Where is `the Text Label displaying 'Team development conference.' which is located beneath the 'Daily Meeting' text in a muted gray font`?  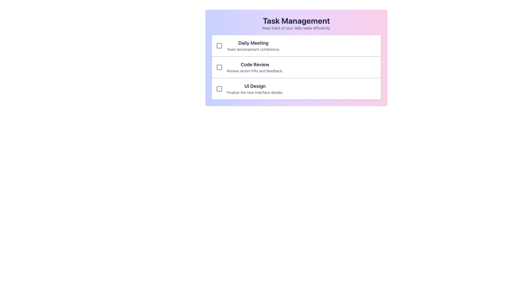
the Text Label displaying 'Team development conference.' which is located beneath the 'Daily Meeting' text in a muted gray font is located at coordinates (253, 49).